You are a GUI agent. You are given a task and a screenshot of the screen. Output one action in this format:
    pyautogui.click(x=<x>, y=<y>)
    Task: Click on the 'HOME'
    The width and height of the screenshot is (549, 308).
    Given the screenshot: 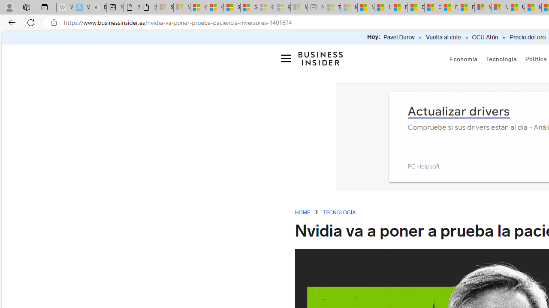 What is the action you would take?
    pyautogui.click(x=302, y=212)
    